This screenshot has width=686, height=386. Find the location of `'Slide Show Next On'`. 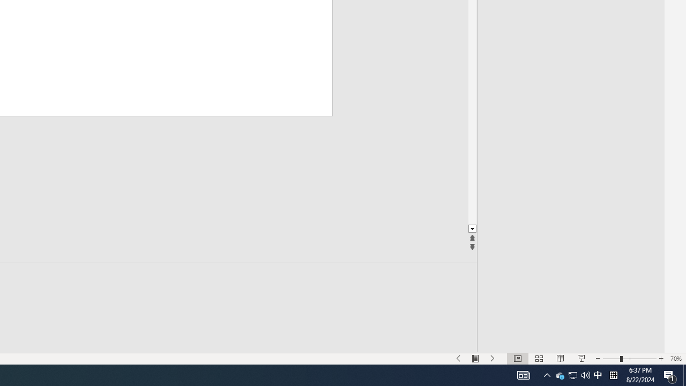

'Slide Show Next On' is located at coordinates (492, 359).